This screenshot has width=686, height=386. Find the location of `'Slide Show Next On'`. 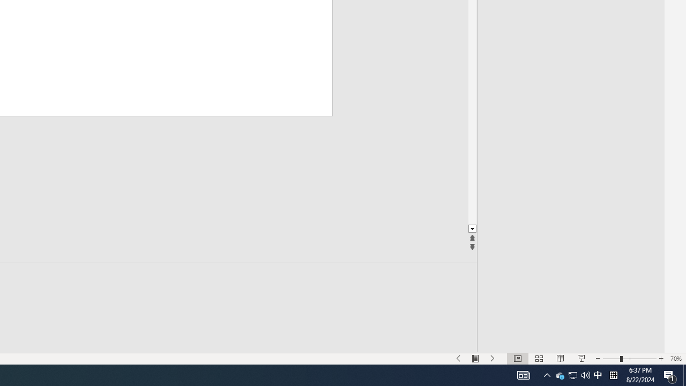

'Slide Show Next On' is located at coordinates (492, 359).